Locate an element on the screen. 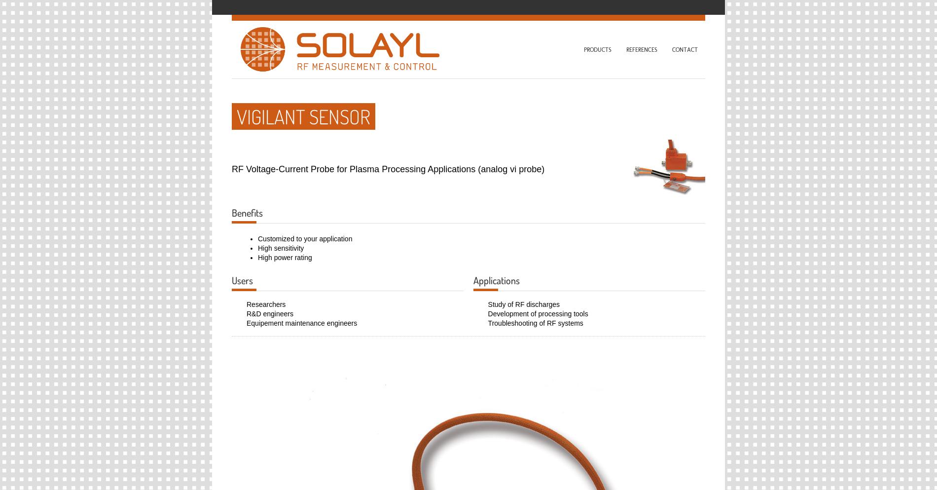  'Benefits' is located at coordinates (247, 212).